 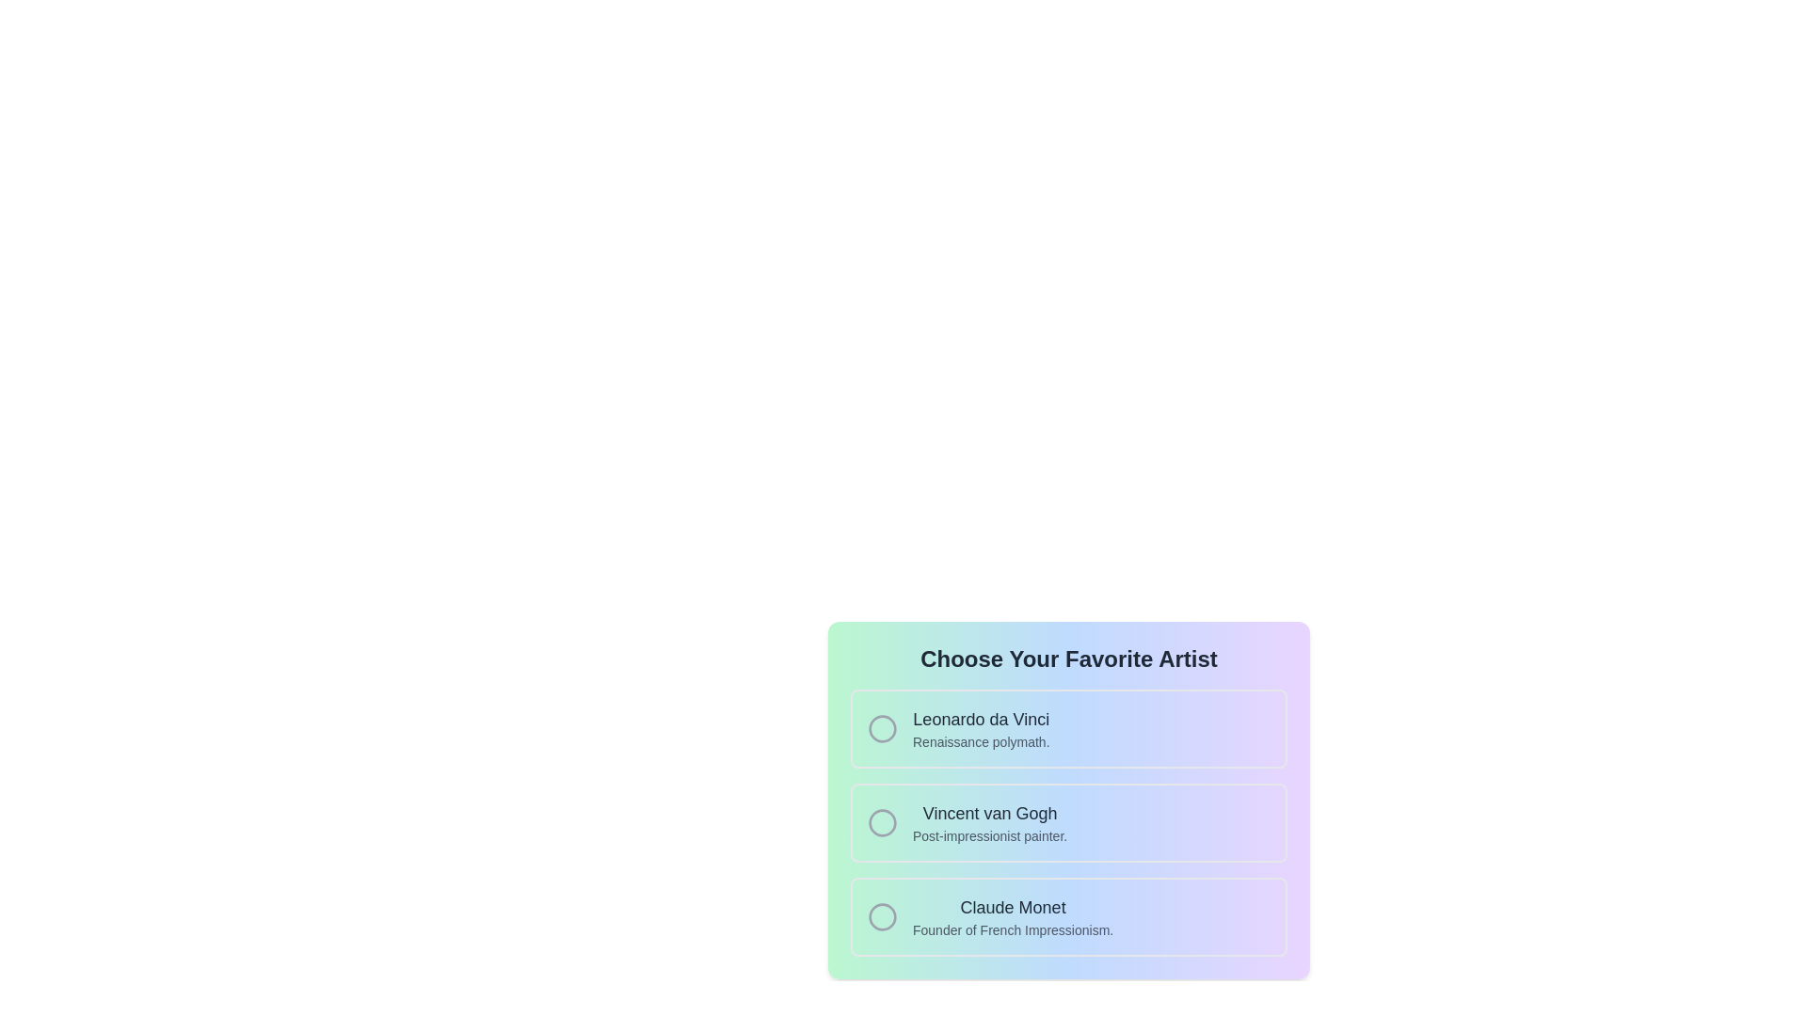 I want to click on information displayed in the text block featuring 'Vincent van Gogh' and 'Post-impressionist painter.', so click(x=989, y=822).